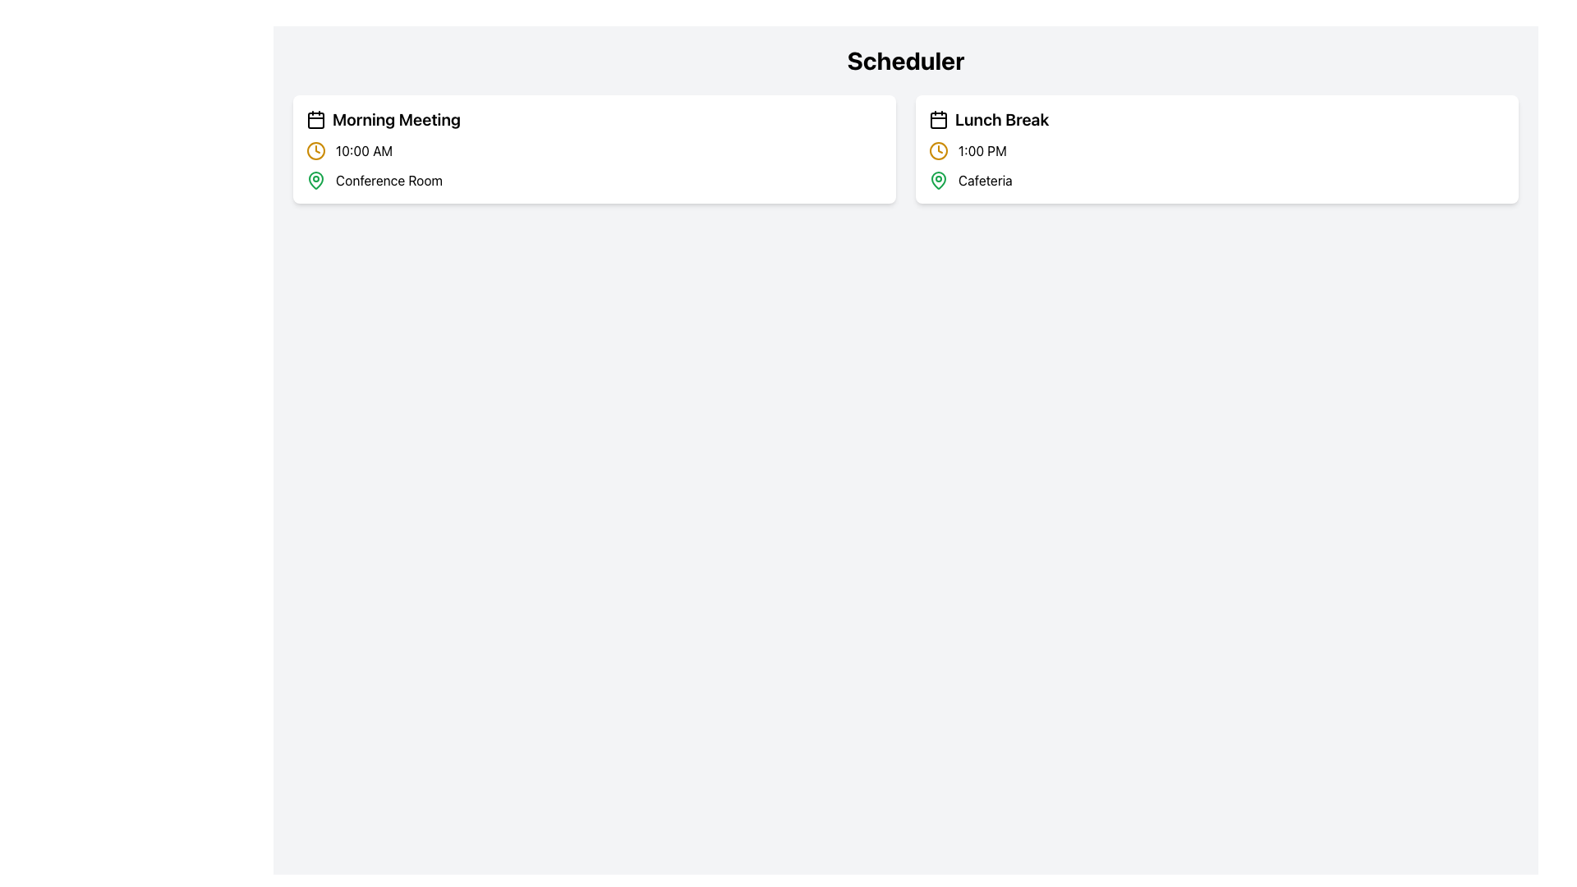 Image resolution: width=1577 pixels, height=887 pixels. Describe the element at coordinates (363, 151) in the screenshot. I see `time displayed in the bold text label indicating '10:00 AM' next to the clock icon in the 'Morning Meeting' section` at that location.